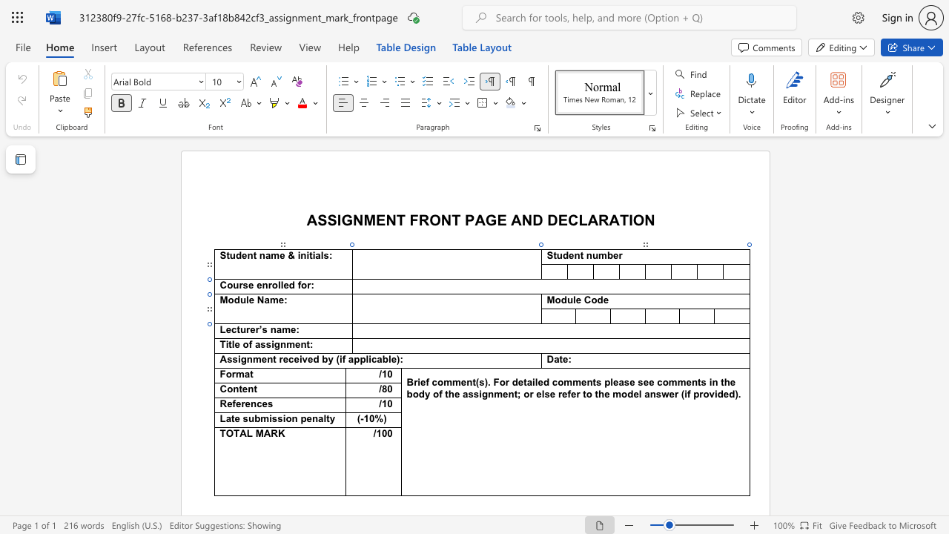 The image size is (949, 534). I want to click on the space between the continuous character "R" and "K" in the text, so click(278, 434).